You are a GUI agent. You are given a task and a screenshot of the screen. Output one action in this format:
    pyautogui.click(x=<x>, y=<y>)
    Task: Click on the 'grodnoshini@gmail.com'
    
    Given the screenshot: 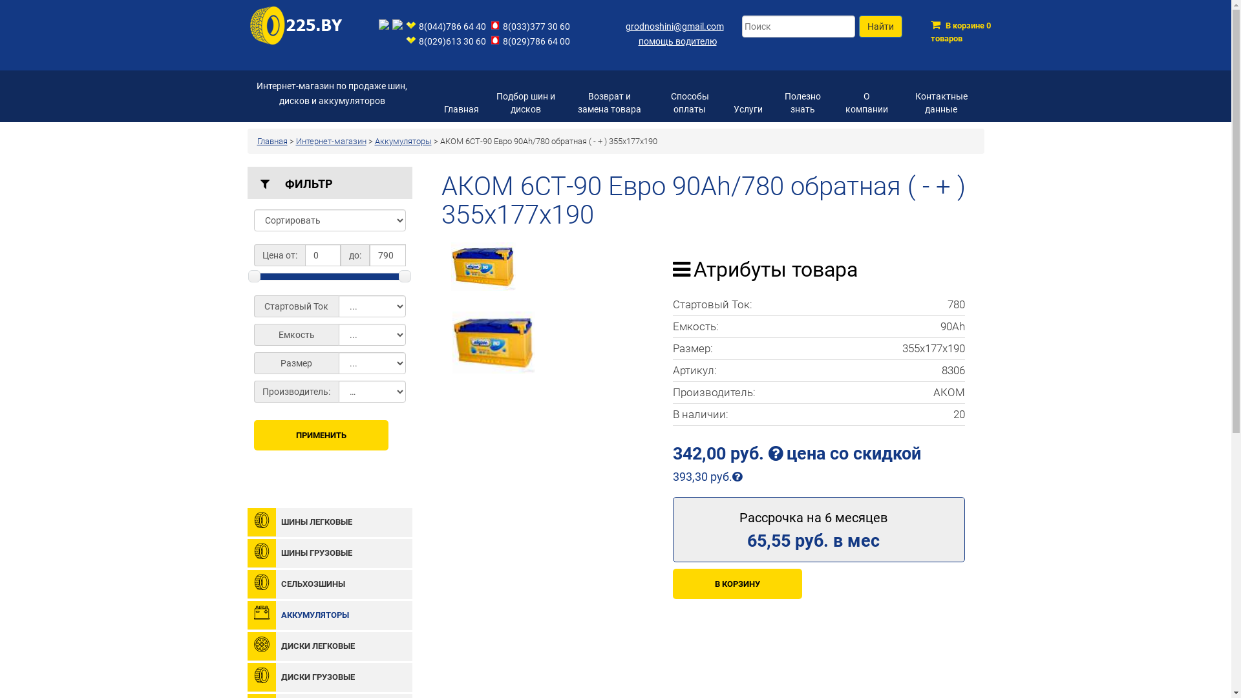 What is the action you would take?
    pyautogui.click(x=626, y=26)
    